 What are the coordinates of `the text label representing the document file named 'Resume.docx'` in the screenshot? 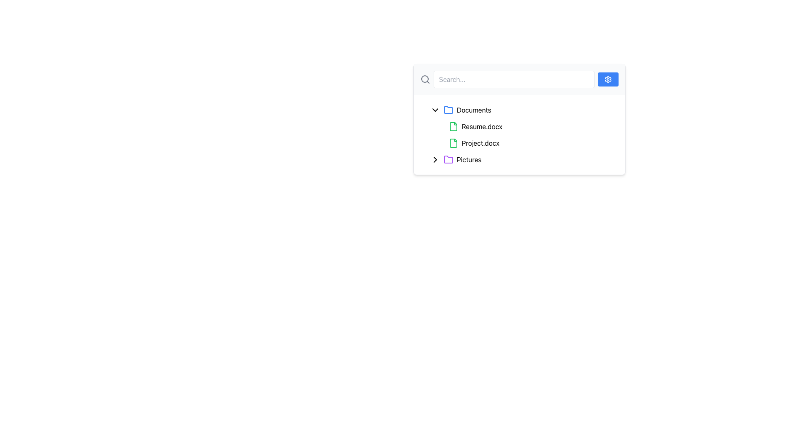 It's located at (481, 126).